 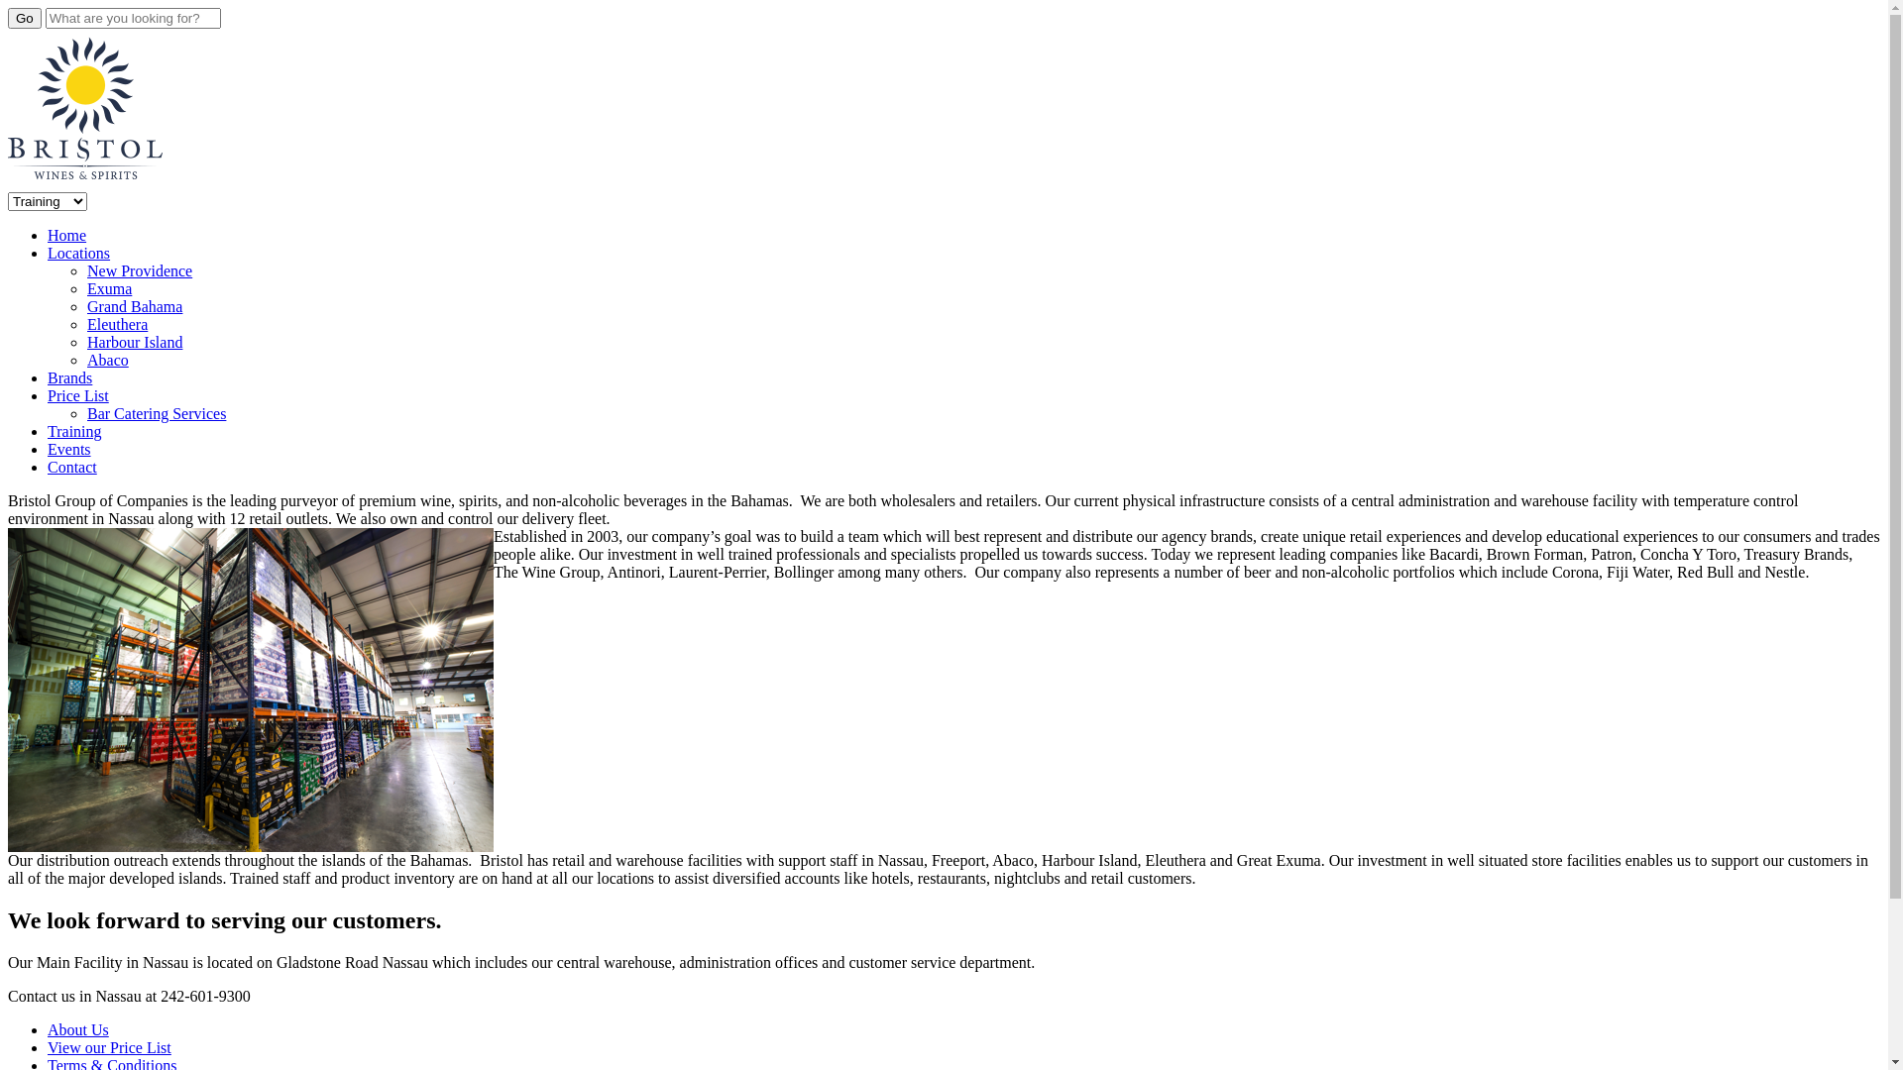 What do you see at coordinates (78, 252) in the screenshot?
I see `'Locations'` at bounding box center [78, 252].